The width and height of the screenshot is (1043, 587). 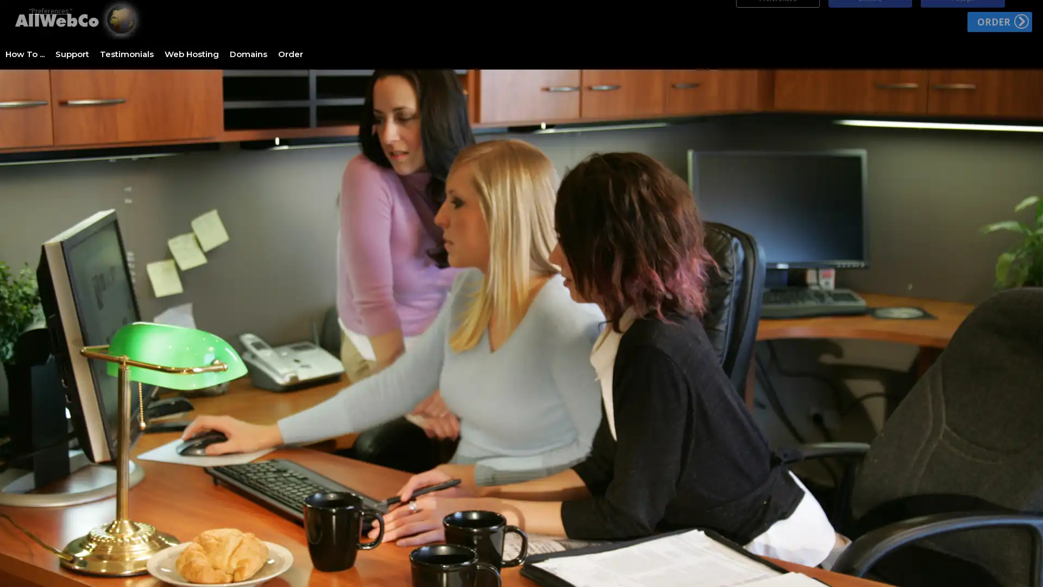 What do you see at coordinates (870, 37) in the screenshot?
I see `Decline` at bounding box center [870, 37].